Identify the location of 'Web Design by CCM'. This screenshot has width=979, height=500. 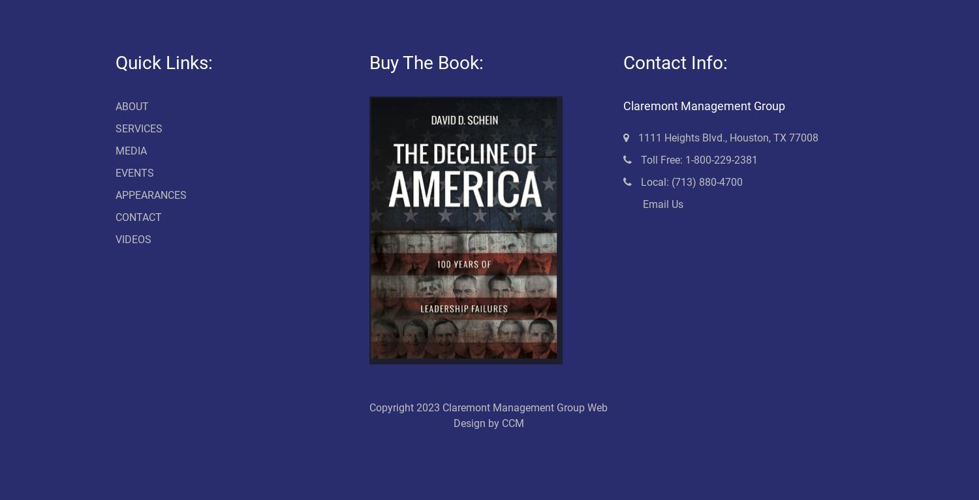
(530, 415).